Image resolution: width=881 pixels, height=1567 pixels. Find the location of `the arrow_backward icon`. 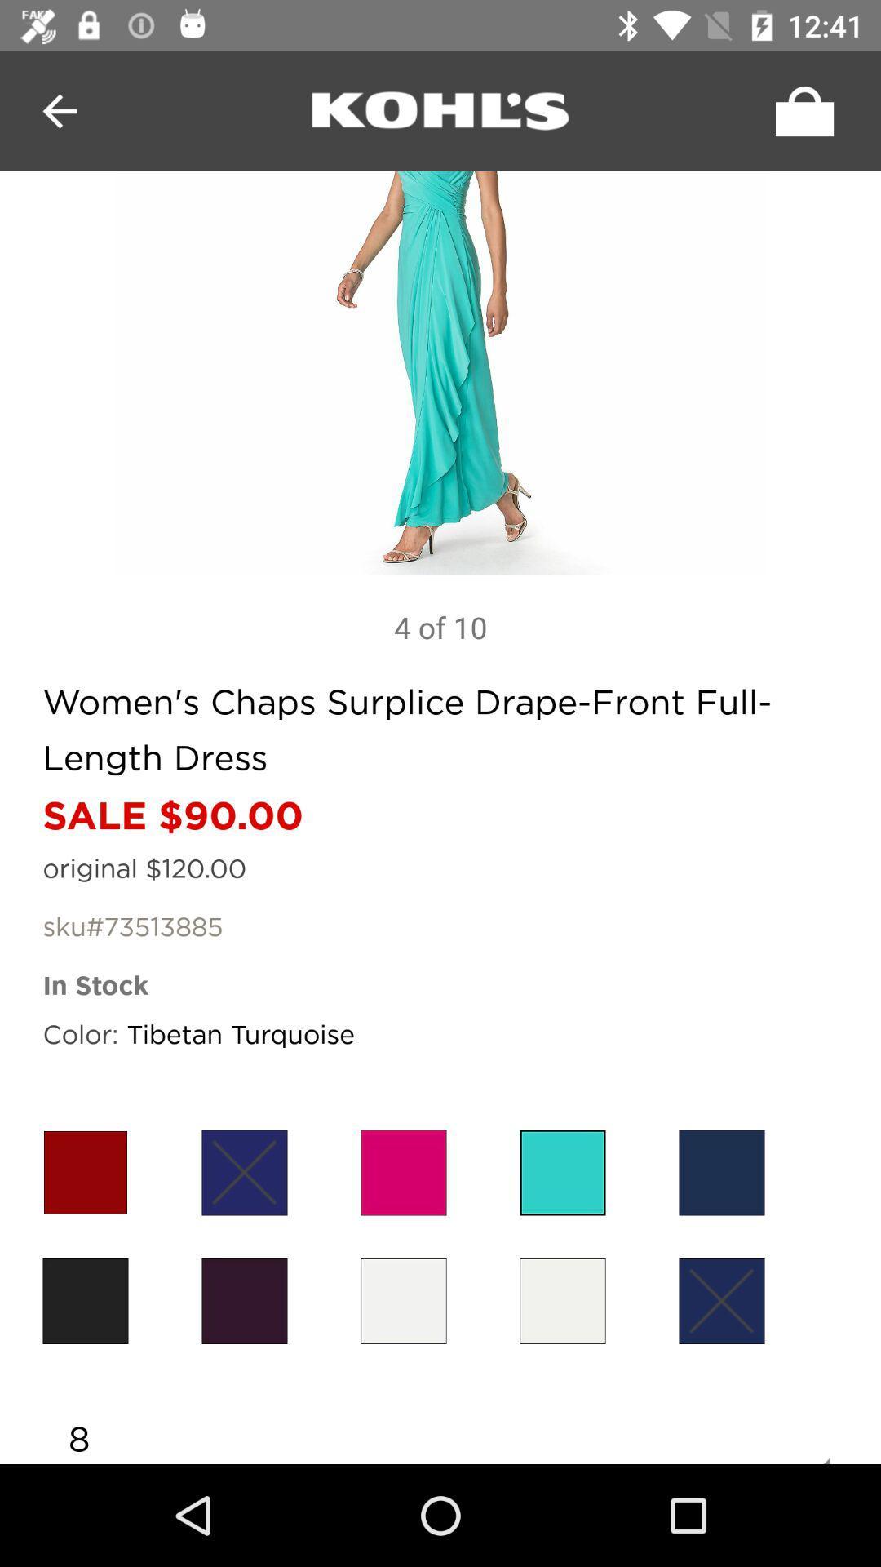

the arrow_backward icon is located at coordinates (59, 110).